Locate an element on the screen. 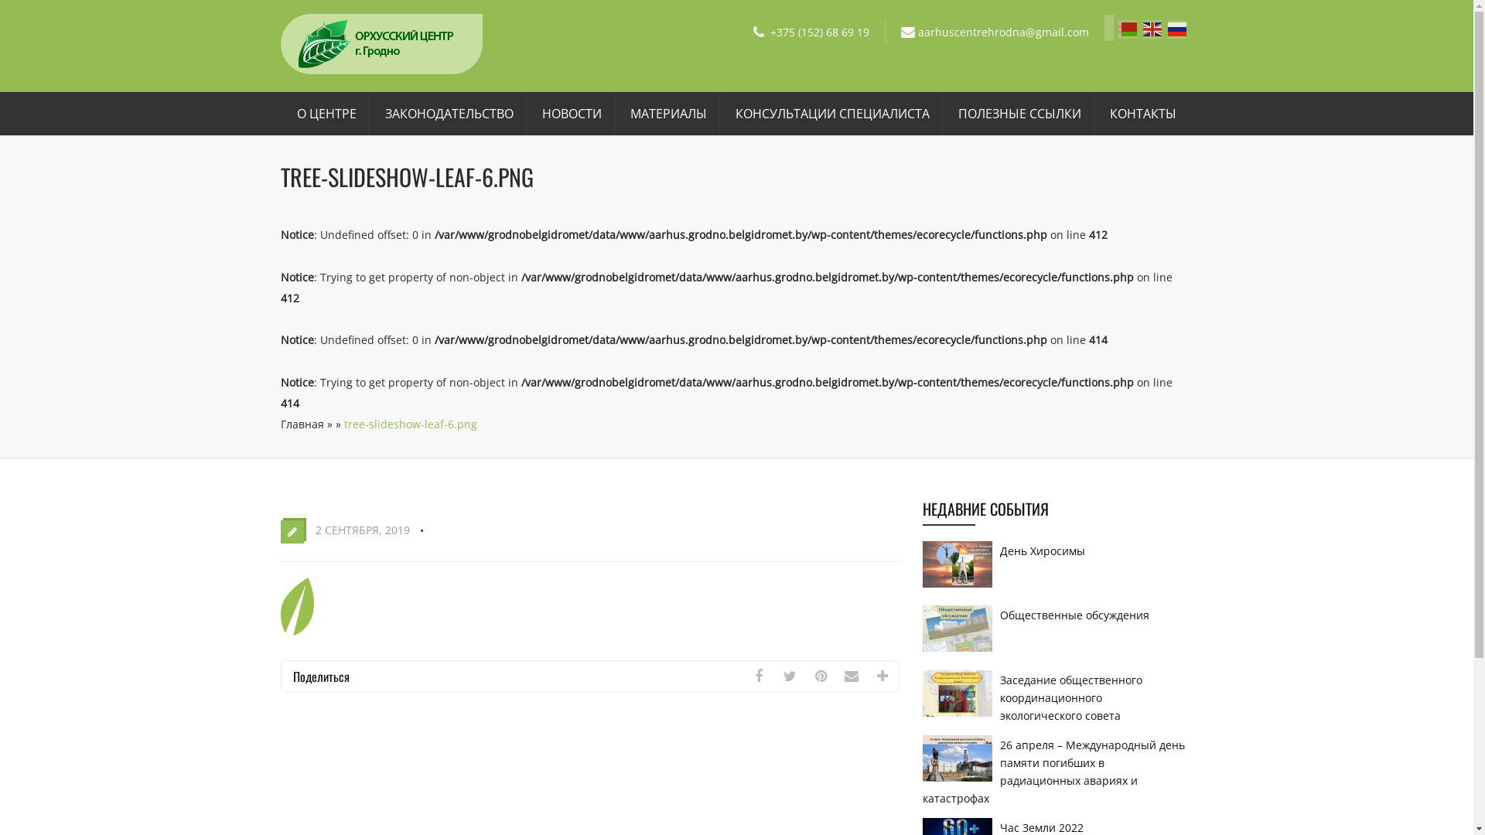  'aarhuscentrehrodna@gmail.com' is located at coordinates (1003, 32).